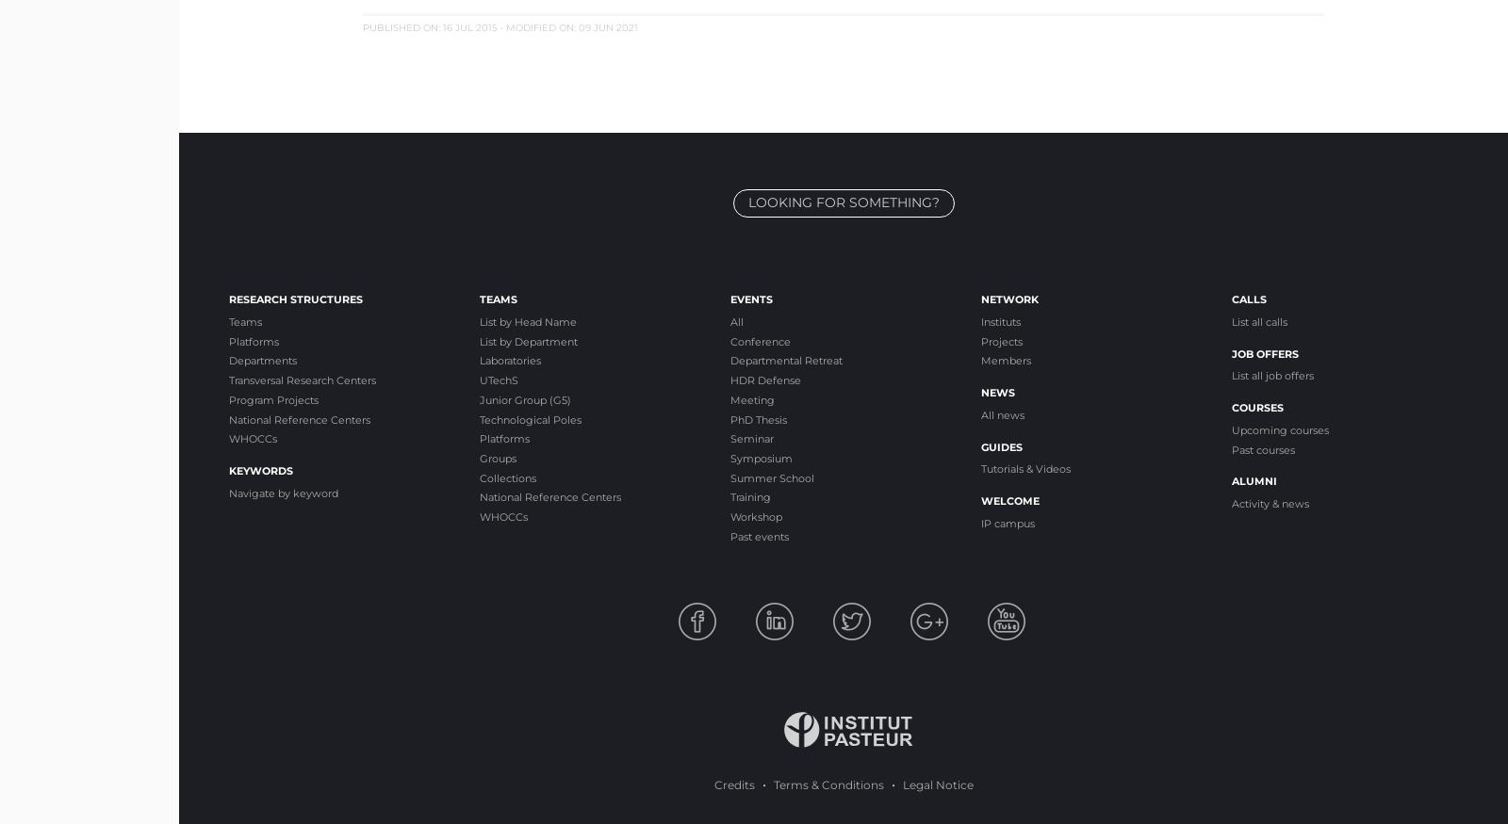 This screenshot has width=1508, height=824. What do you see at coordinates (1002, 340) in the screenshot?
I see `'Projects'` at bounding box center [1002, 340].